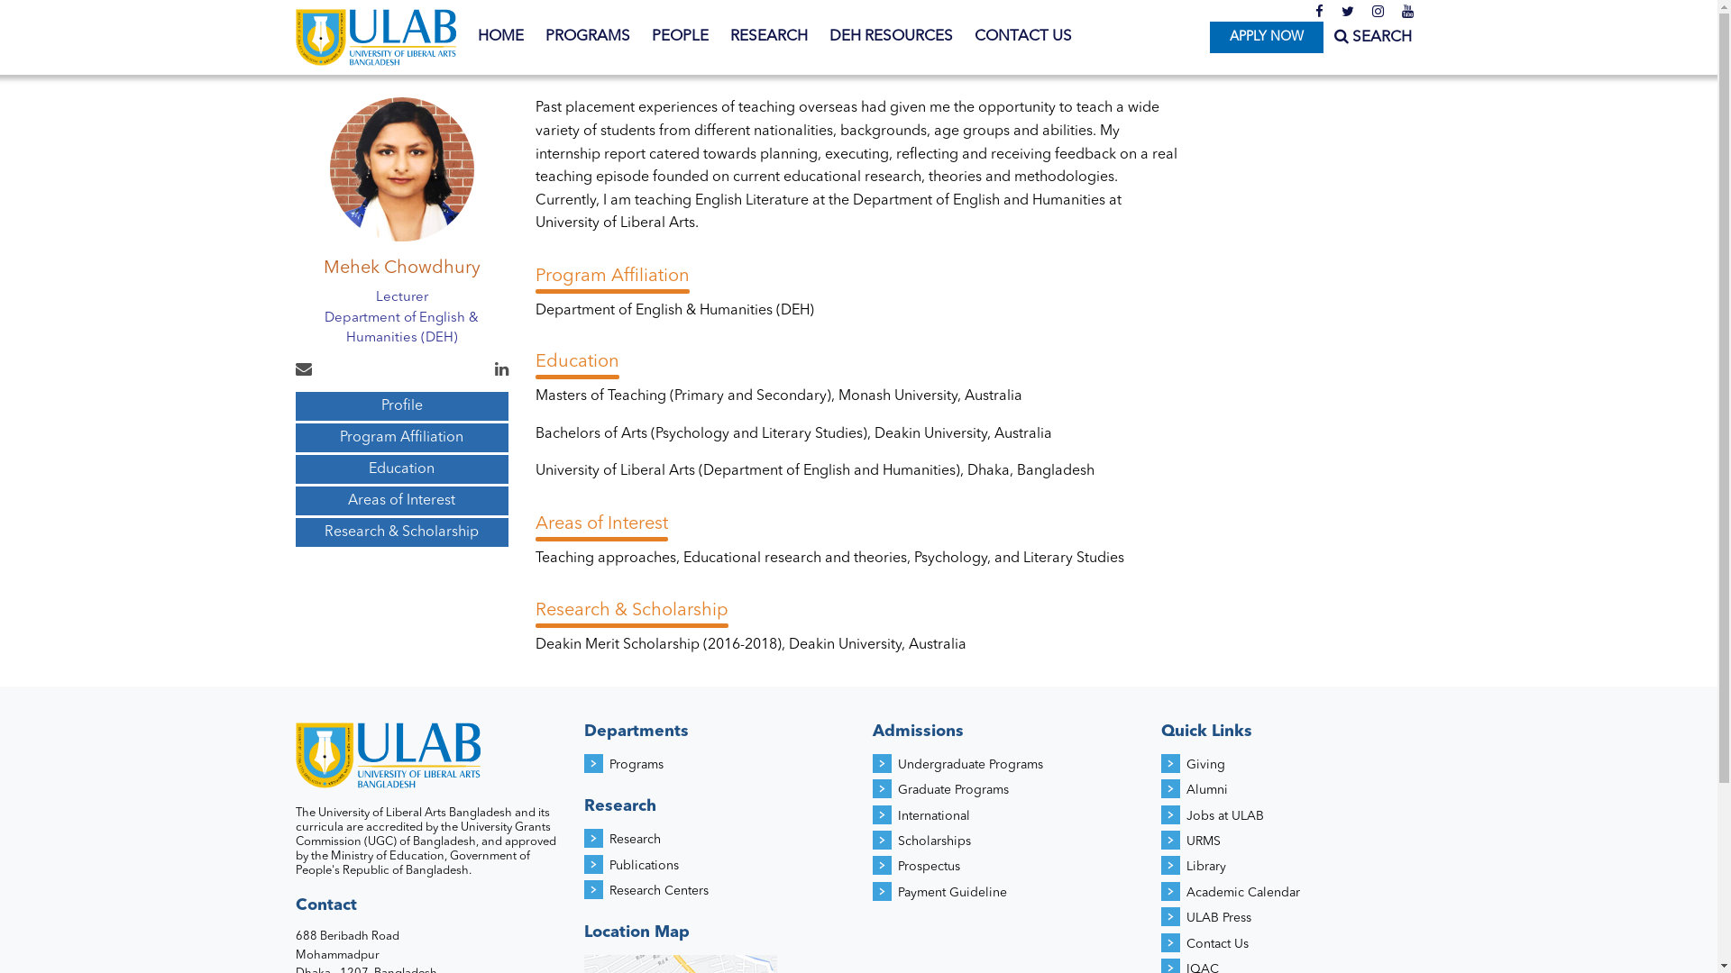  Describe the element at coordinates (401, 438) in the screenshot. I see `'Program Affiliation'` at that location.